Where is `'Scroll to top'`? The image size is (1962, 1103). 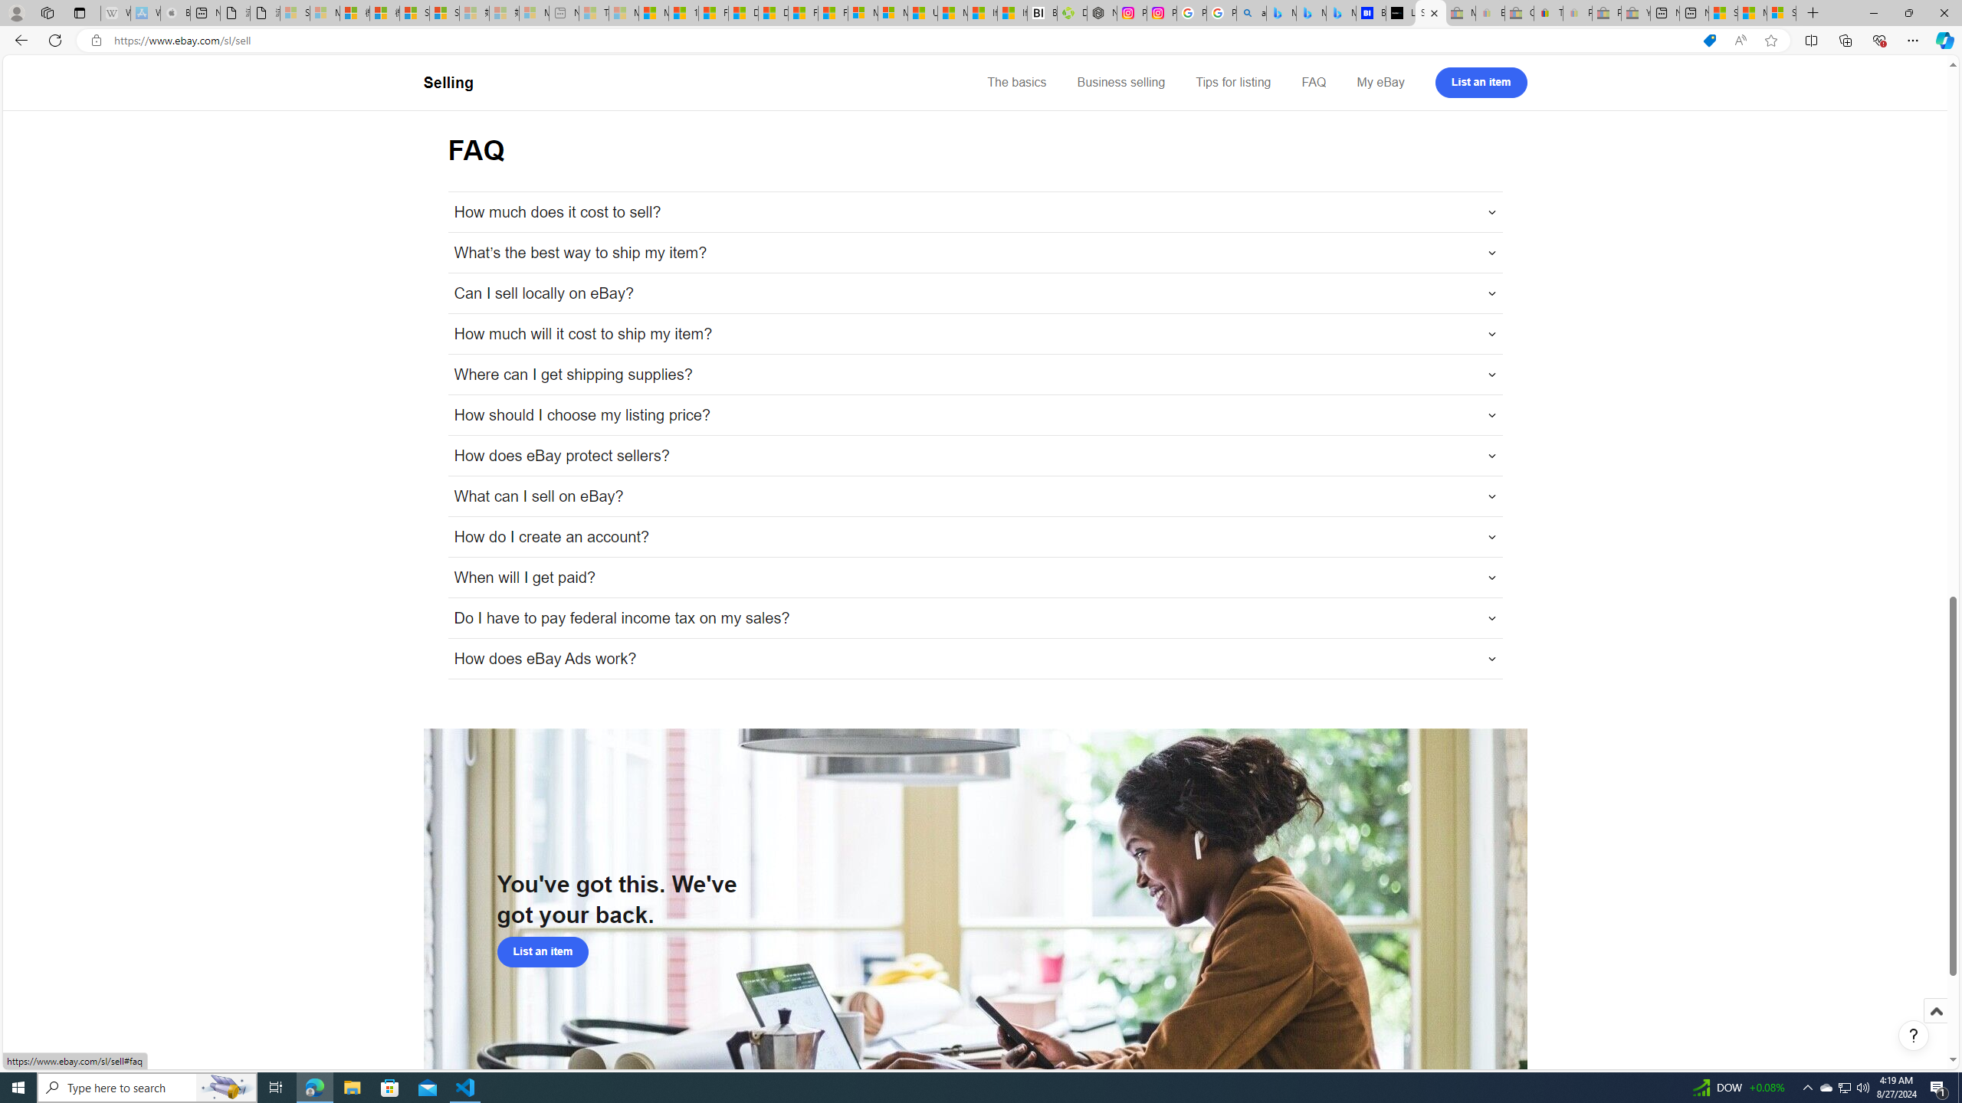
'Scroll to top' is located at coordinates (1934, 1026).